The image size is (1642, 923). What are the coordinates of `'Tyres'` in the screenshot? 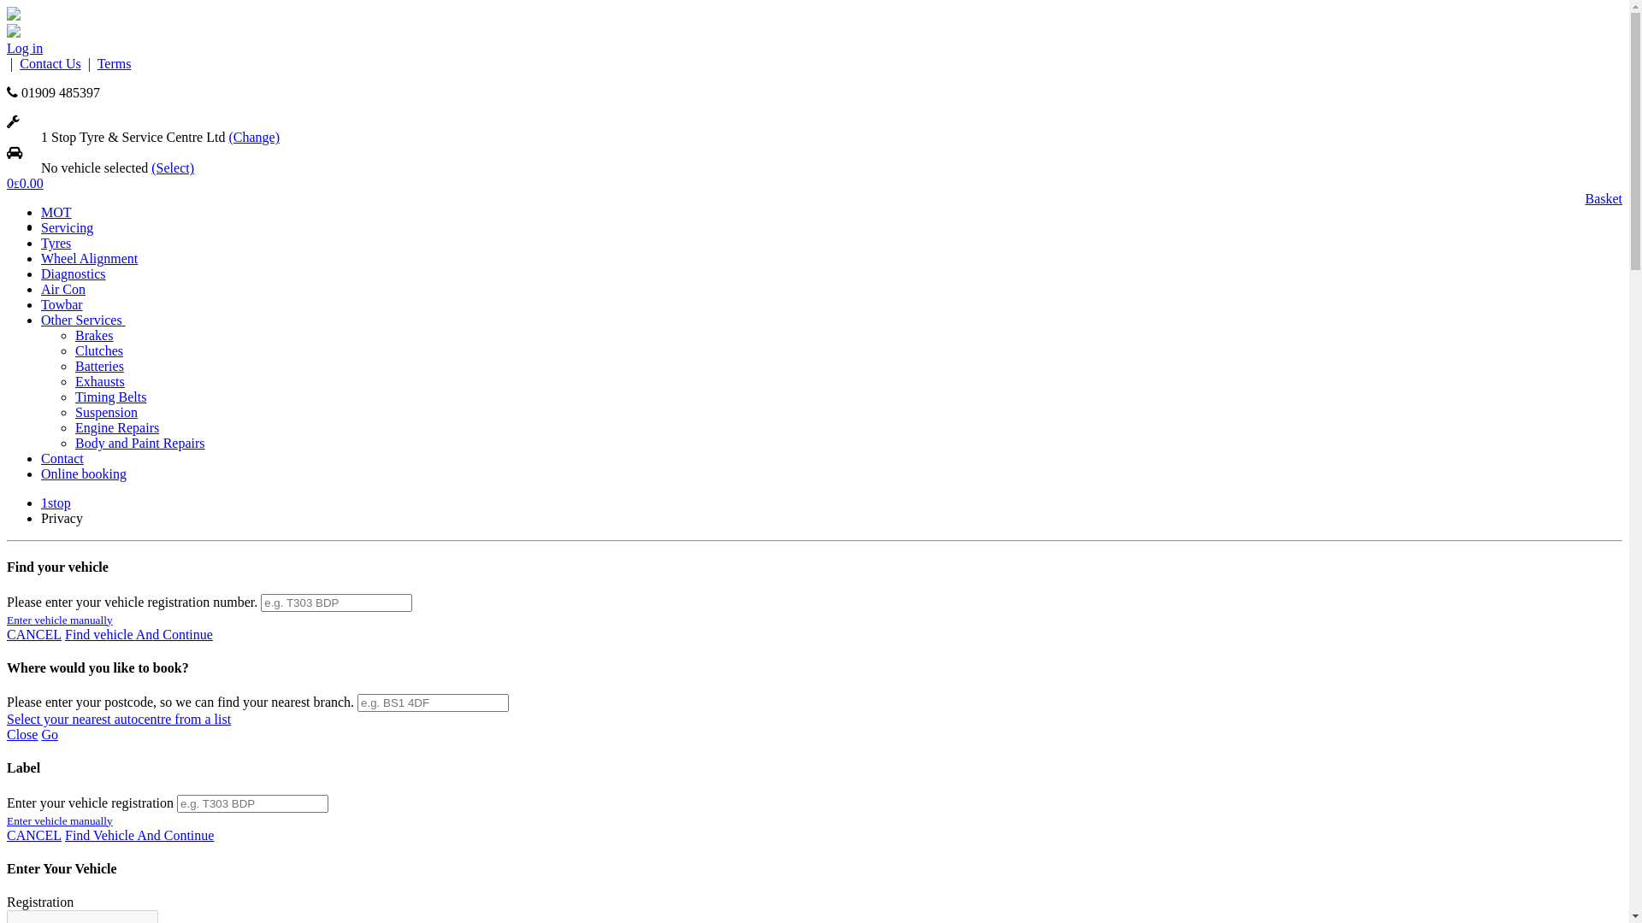 It's located at (56, 243).